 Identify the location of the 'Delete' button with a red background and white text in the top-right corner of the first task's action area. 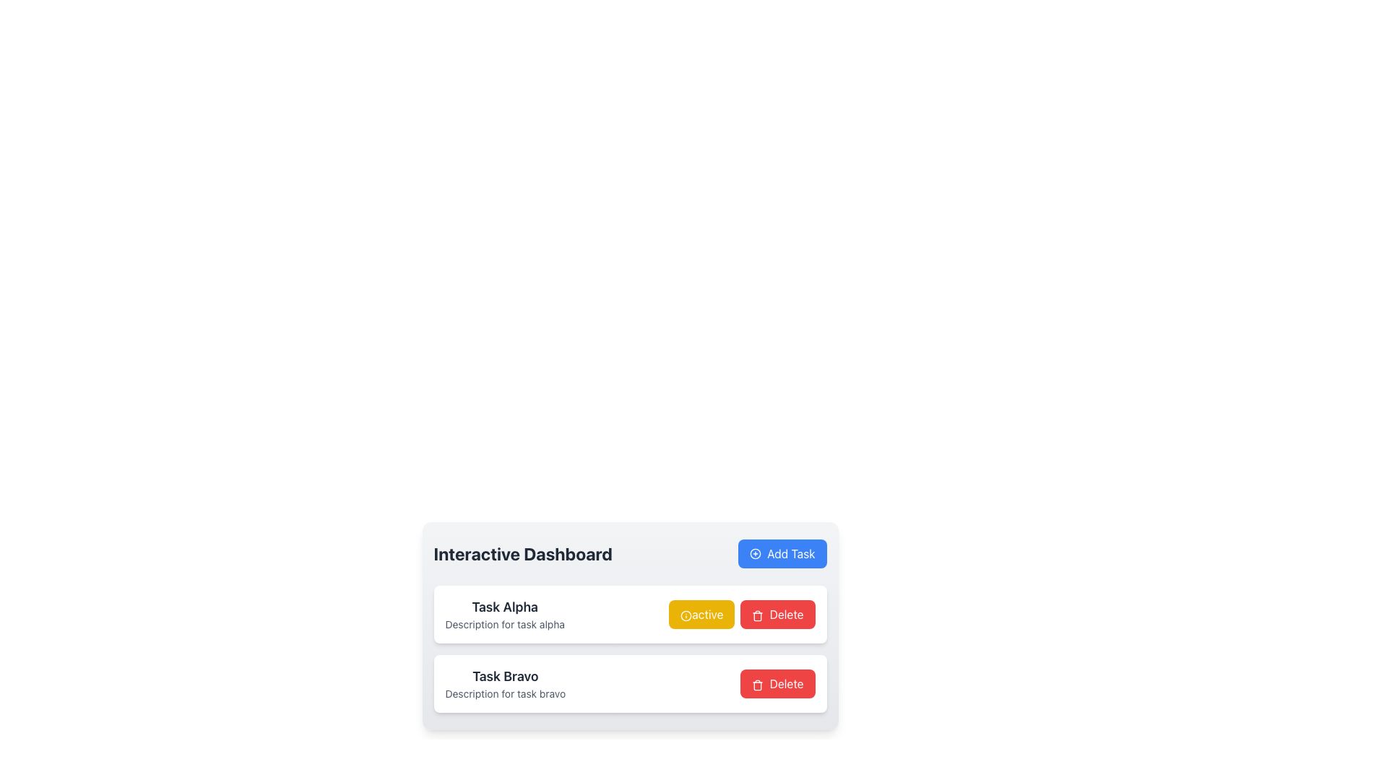
(776, 615).